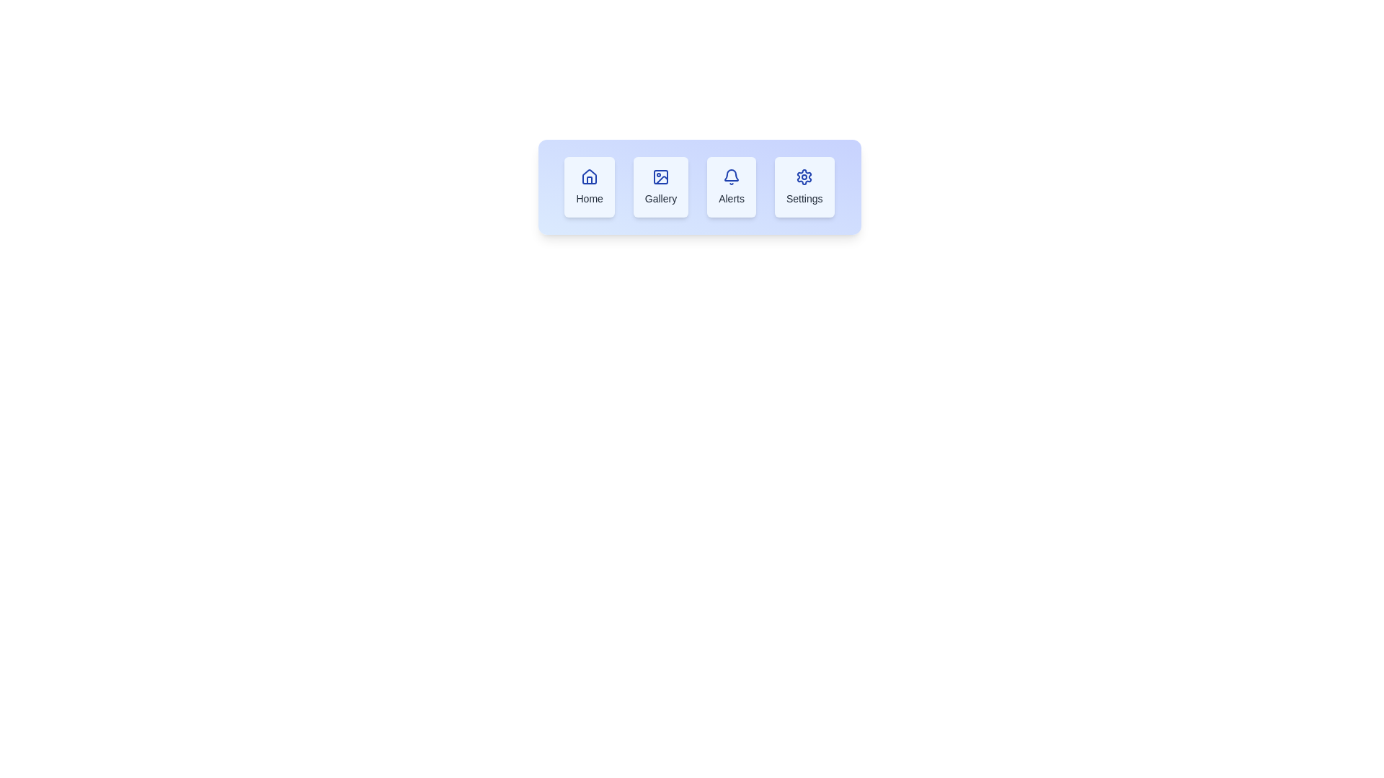 This screenshot has height=778, width=1384. What do you see at coordinates (590, 176) in the screenshot?
I see `the 'Home' navigation icon located at the leftmost position of the horizontal menu bar` at bounding box center [590, 176].